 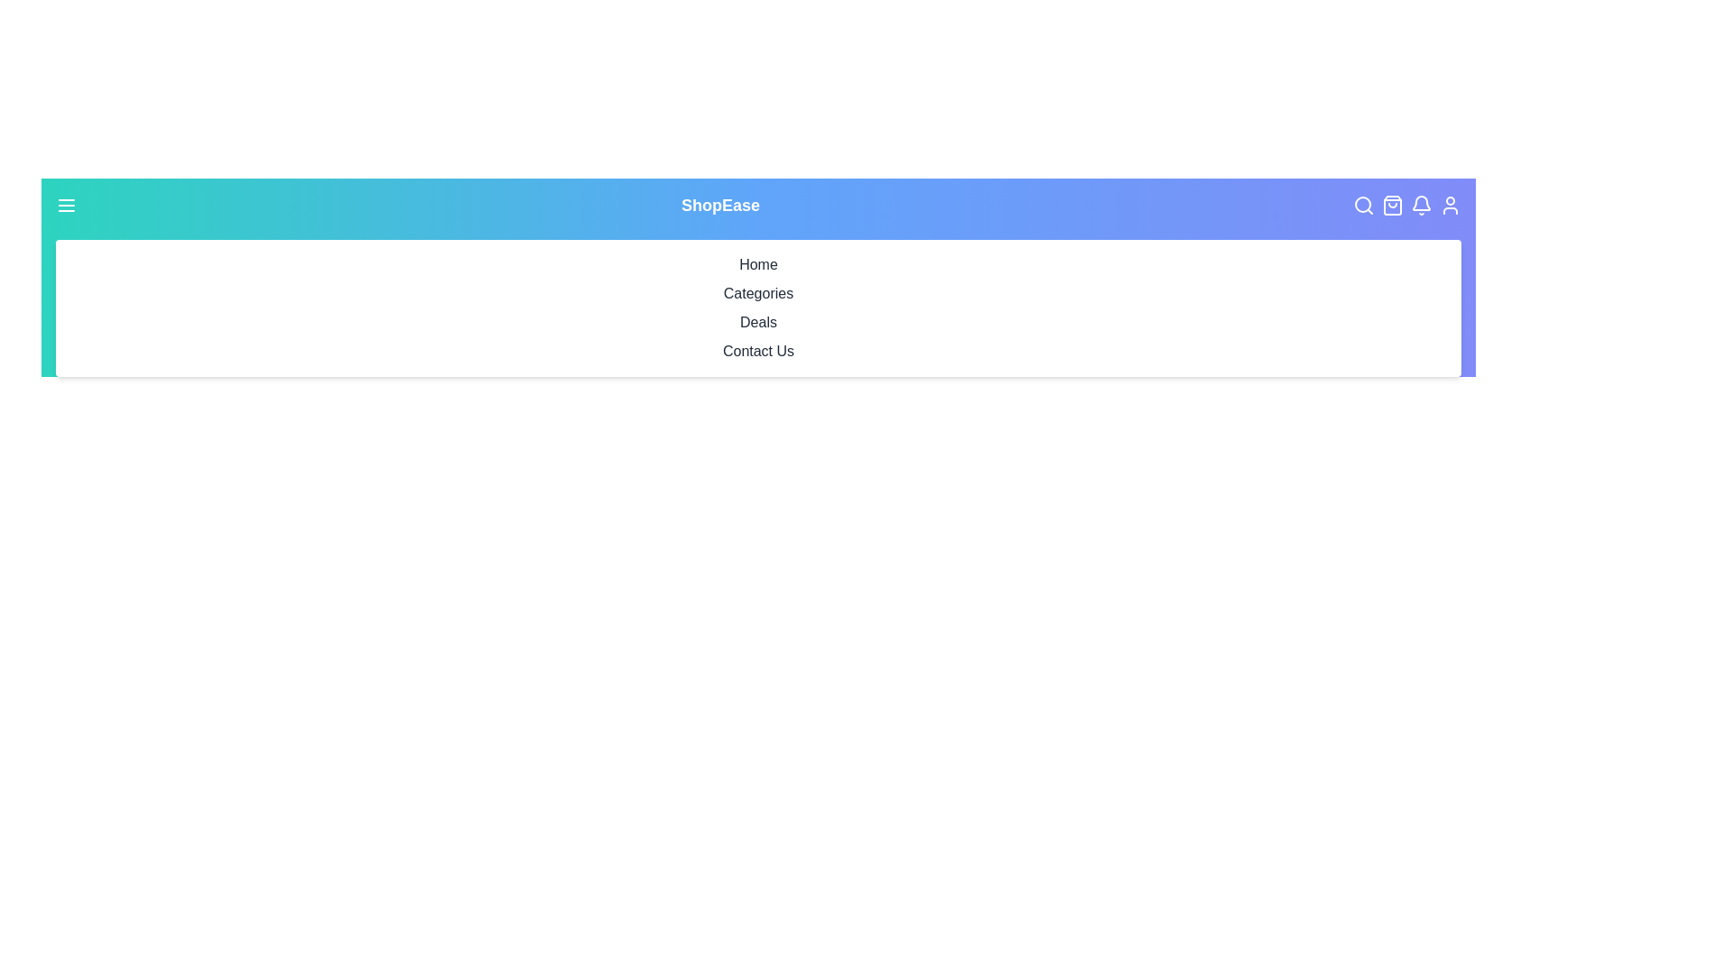 What do you see at coordinates (1396, 204) in the screenshot?
I see `the 'Shopping Bag' icon` at bounding box center [1396, 204].